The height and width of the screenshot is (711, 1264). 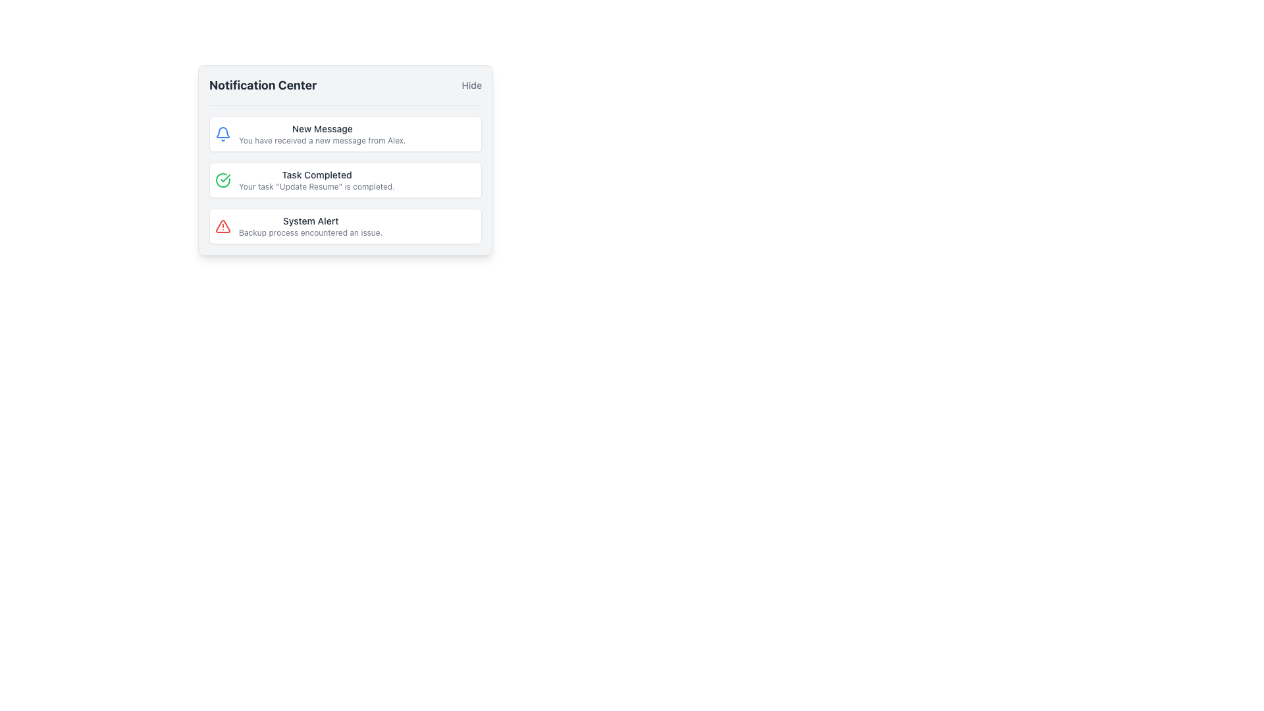 I want to click on the second textual notification in the notification center that informs the user about the completion of the 'Update Resume' task, so click(x=317, y=180).